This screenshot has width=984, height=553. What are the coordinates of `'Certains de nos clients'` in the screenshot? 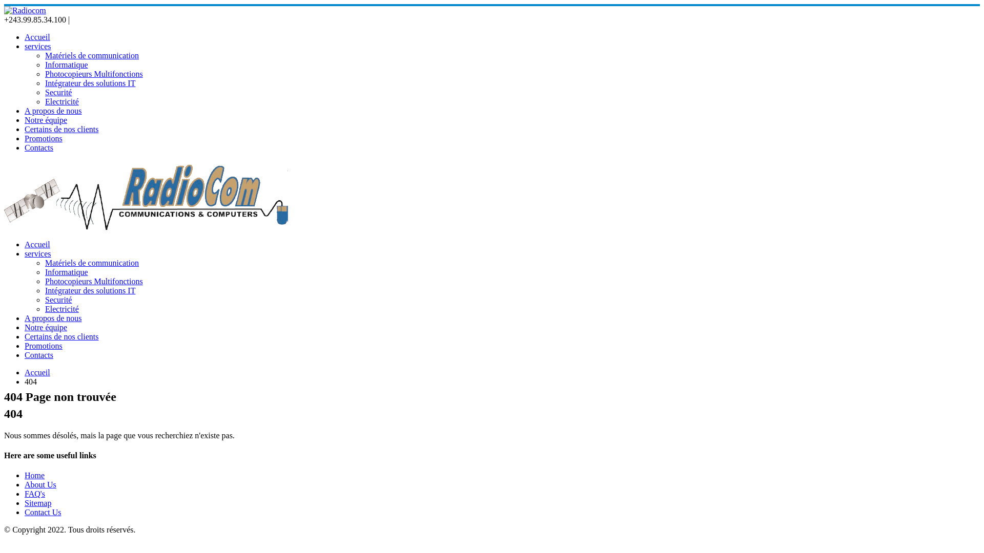 It's located at (25, 129).